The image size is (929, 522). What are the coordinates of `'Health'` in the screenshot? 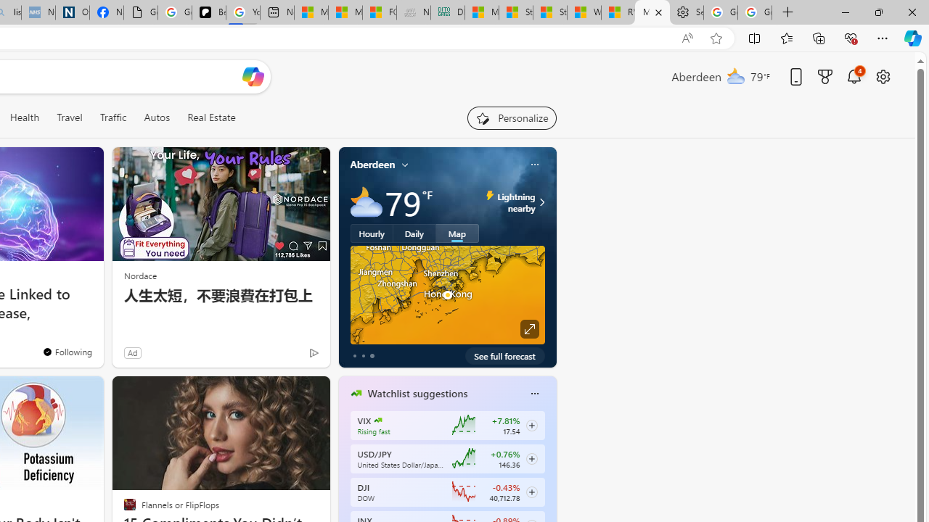 It's located at (24, 117).